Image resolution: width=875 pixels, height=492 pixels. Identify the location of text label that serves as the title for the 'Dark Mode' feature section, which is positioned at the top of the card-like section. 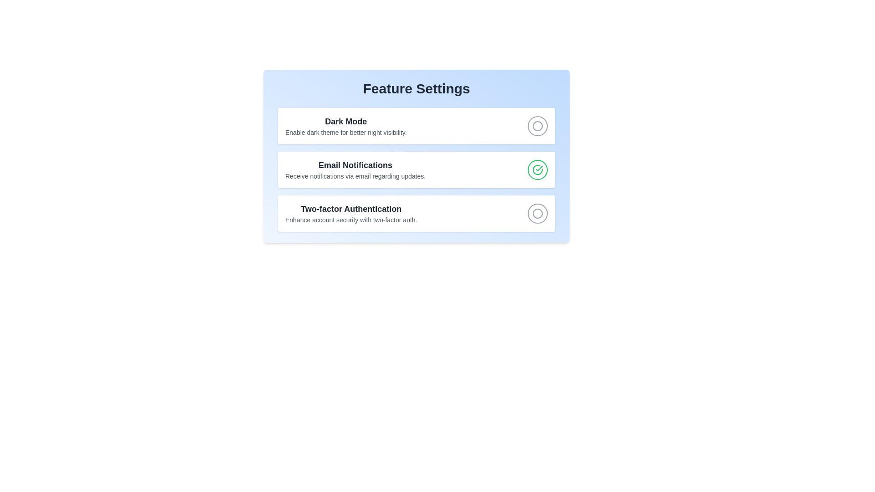
(345, 121).